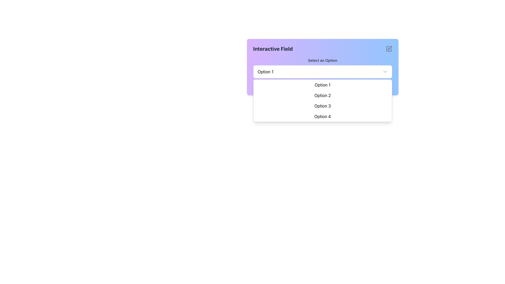 The width and height of the screenshot is (505, 284). Describe the element at coordinates (322, 85) in the screenshot. I see `the 'Option 1' in the dropdown menu` at that location.